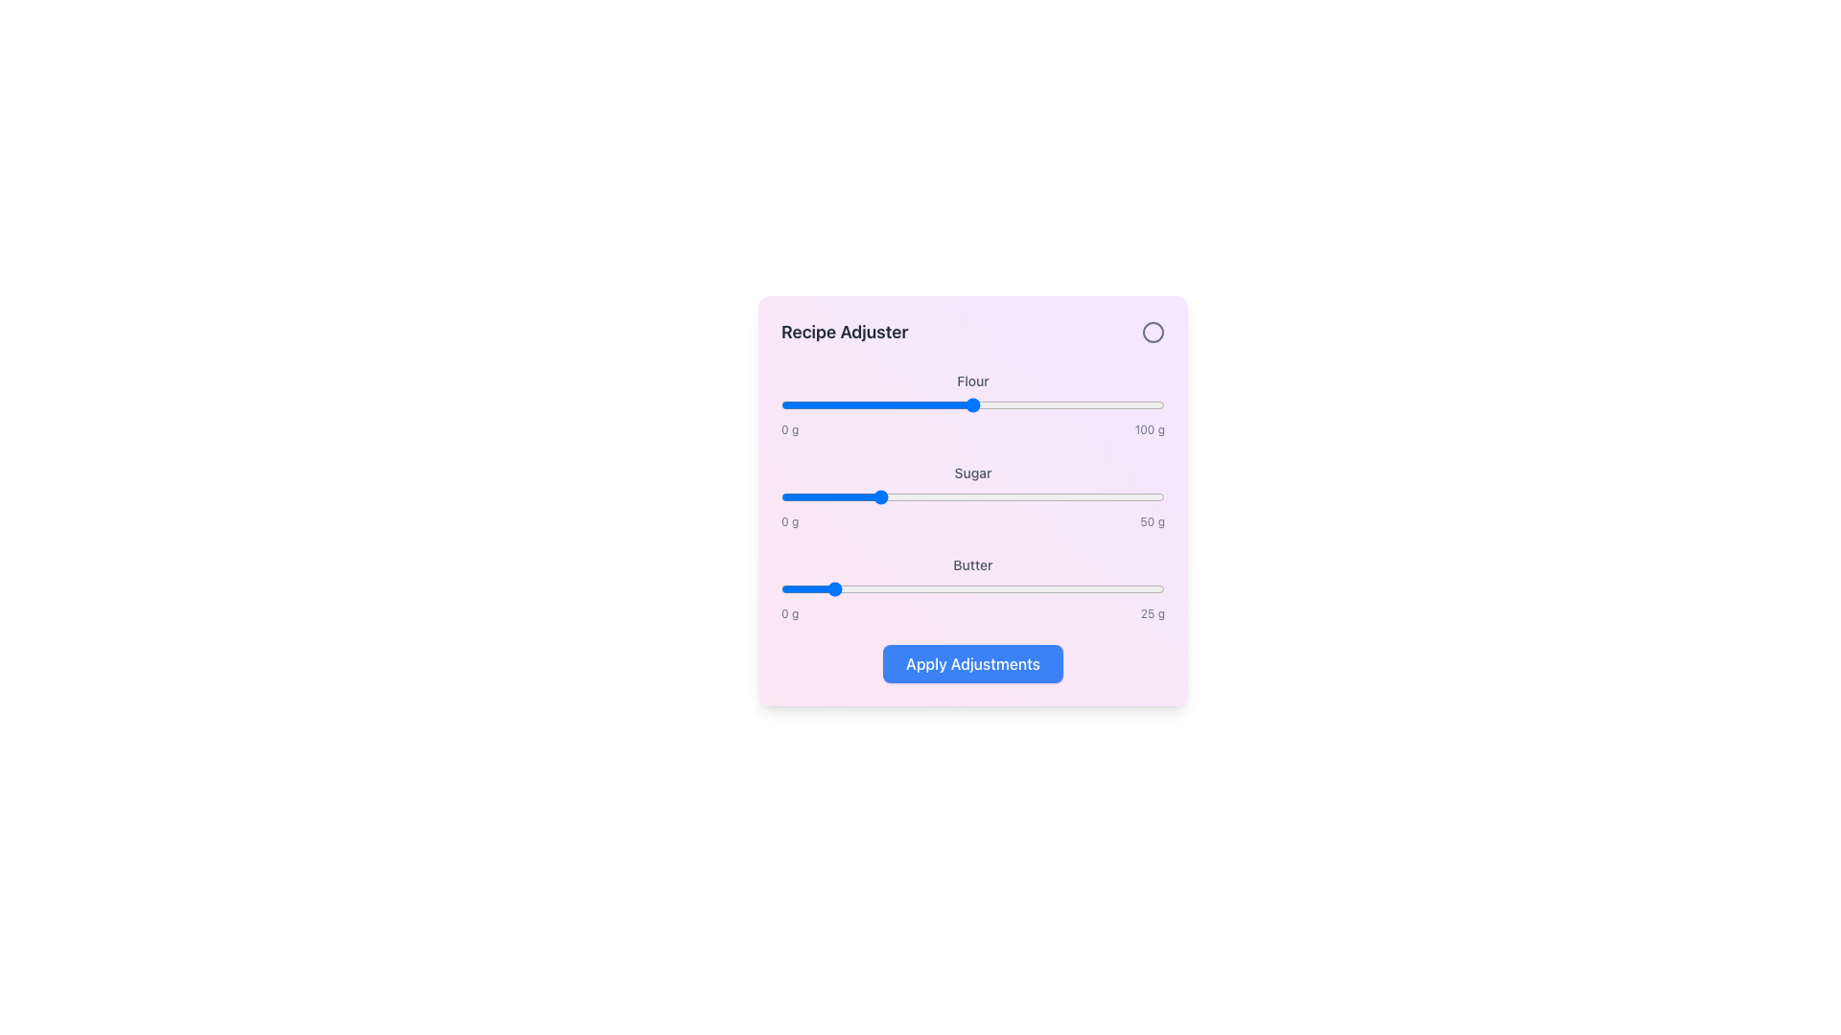 The width and height of the screenshot is (1841, 1035). What do you see at coordinates (972, 404) in the screenshot?
I see `the circular handle of the horizontal slider control for 'Flour', which is visually represented by a gradient bar with yellow on the left and red on the right, located at the top of the three-slider interface` at bounding box center [972, 404].